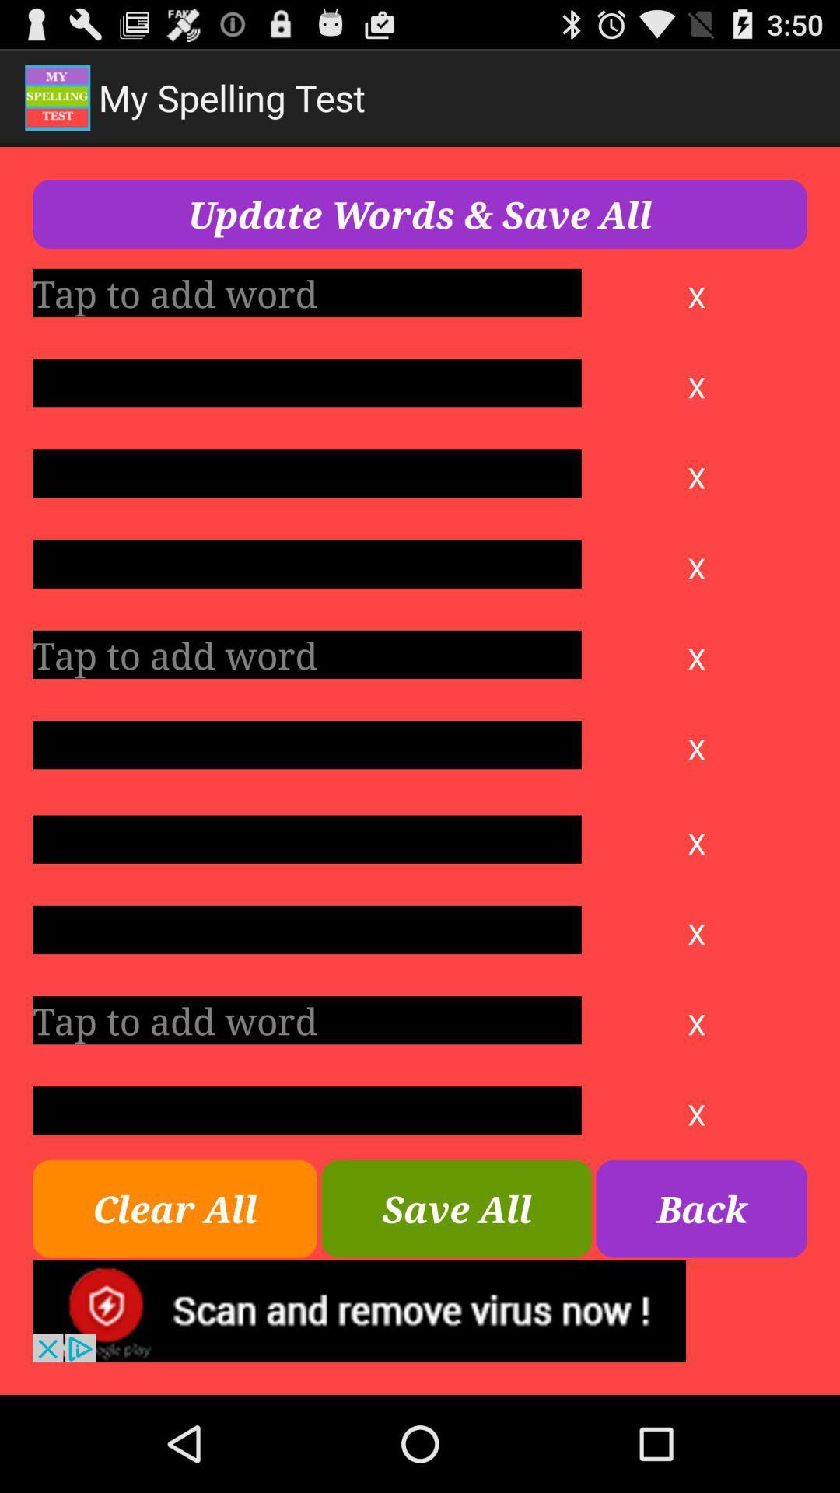 The height and width of the screenshot is (1493, 840). I want to click on tap to add word, so click(306, 473).